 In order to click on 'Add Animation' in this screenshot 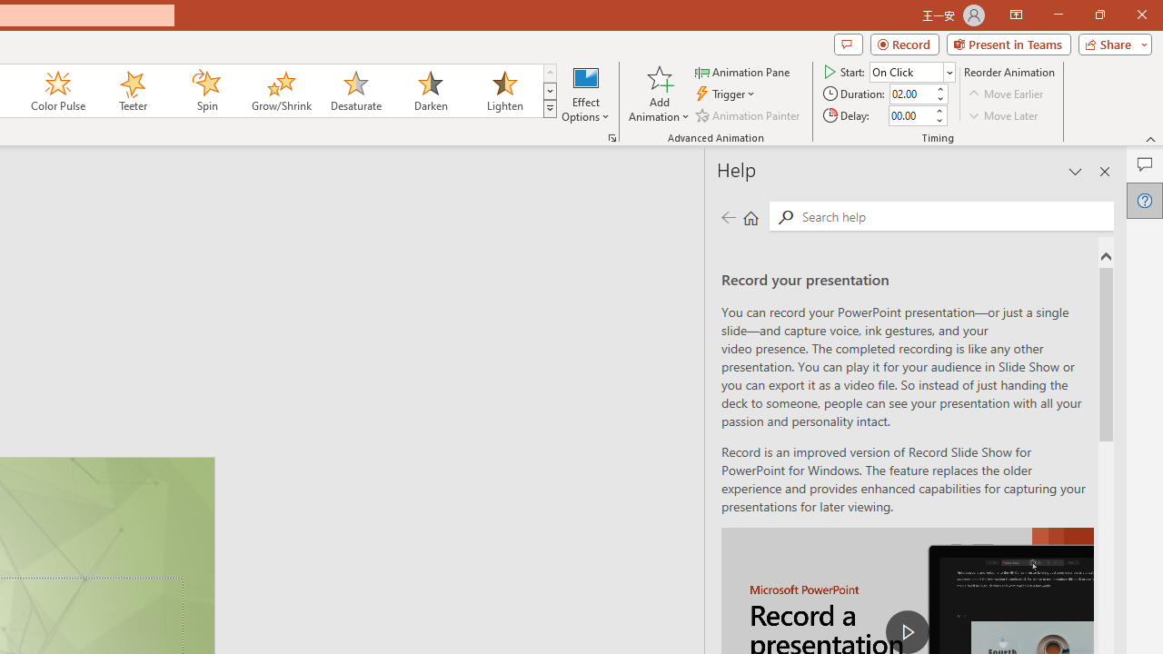, I will do `click(658, 94)`.